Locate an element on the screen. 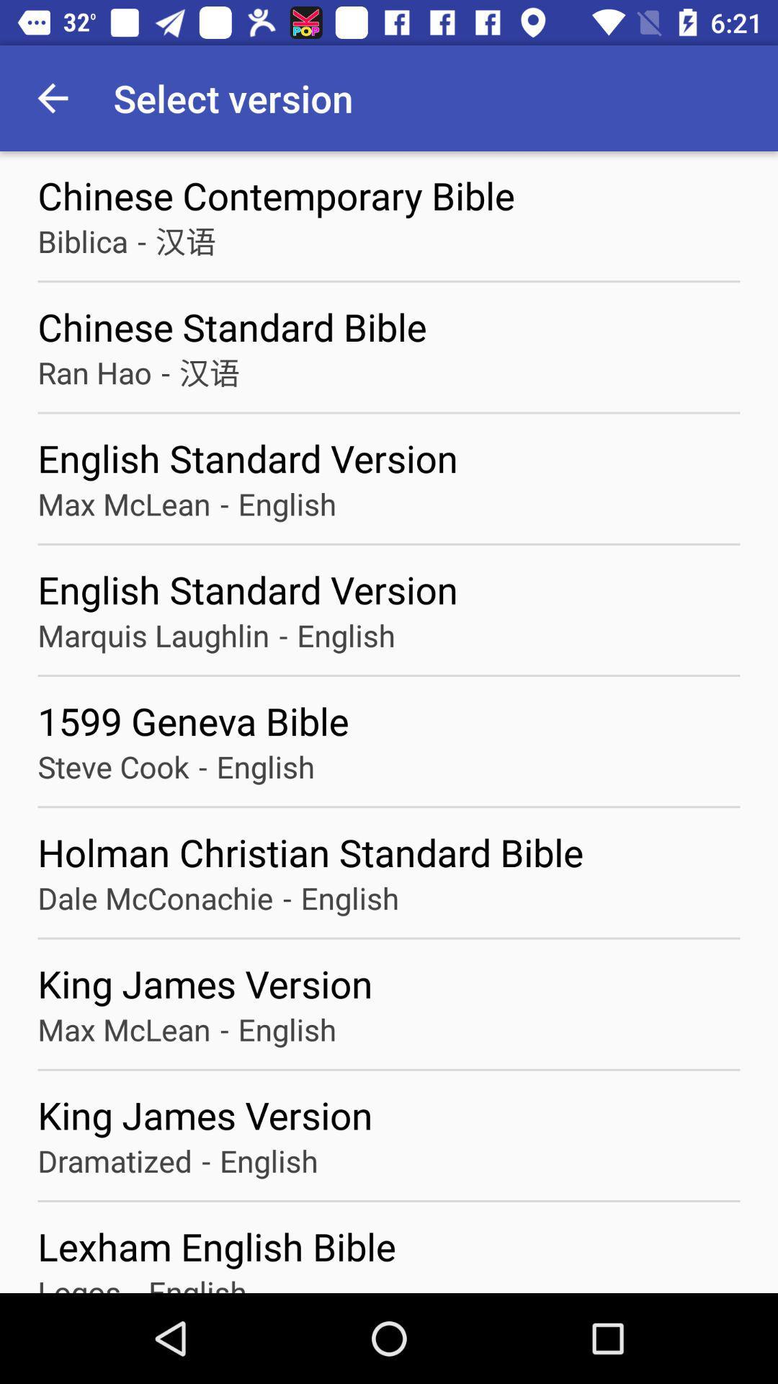 The width and height of the screenshot is (778, 1384). the item above the chinese contemporary bible icon is located at coordinates (52, 97).